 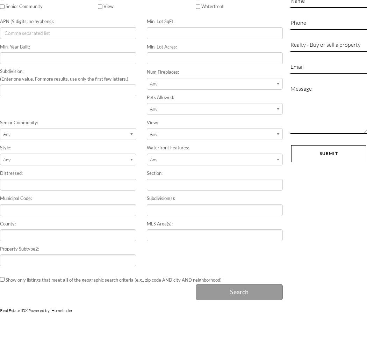 I want to click on 'Property Subtype2:', so click(x=19, y=248).